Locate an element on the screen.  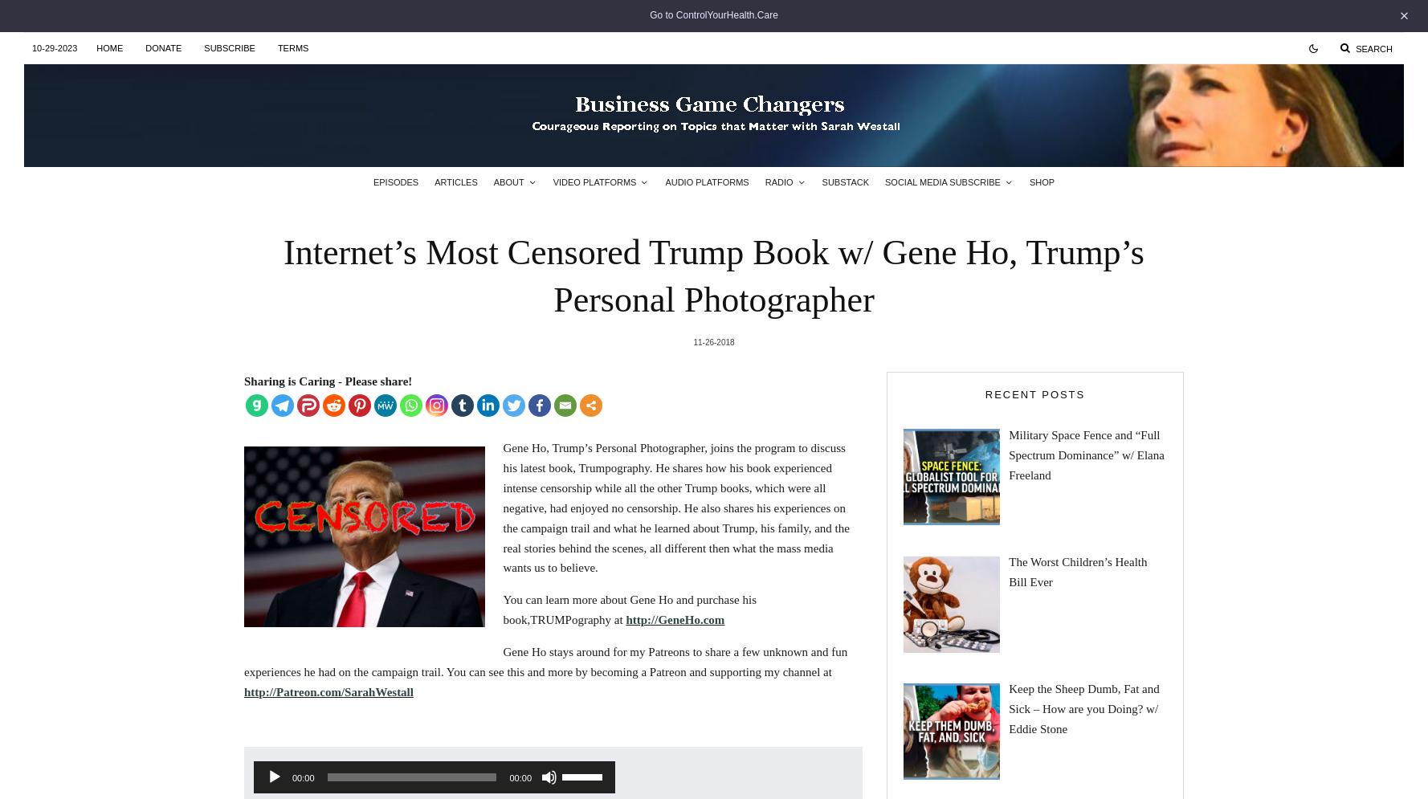
'Audio Platforms' is located at coordinates (705, 181).